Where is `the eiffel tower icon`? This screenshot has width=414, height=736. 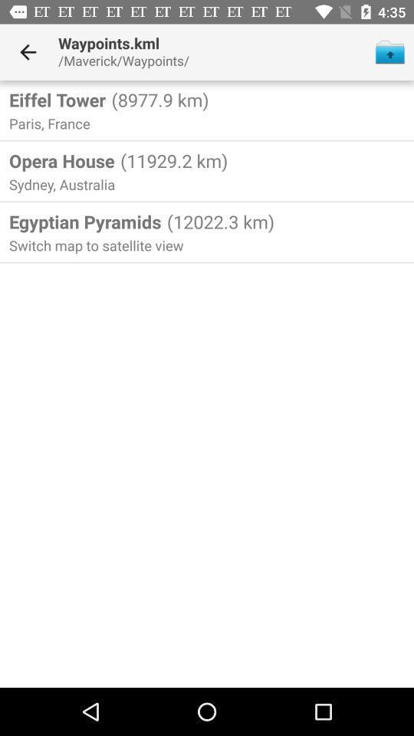
the eiffel tower icon is located at coordinates (57, 99).